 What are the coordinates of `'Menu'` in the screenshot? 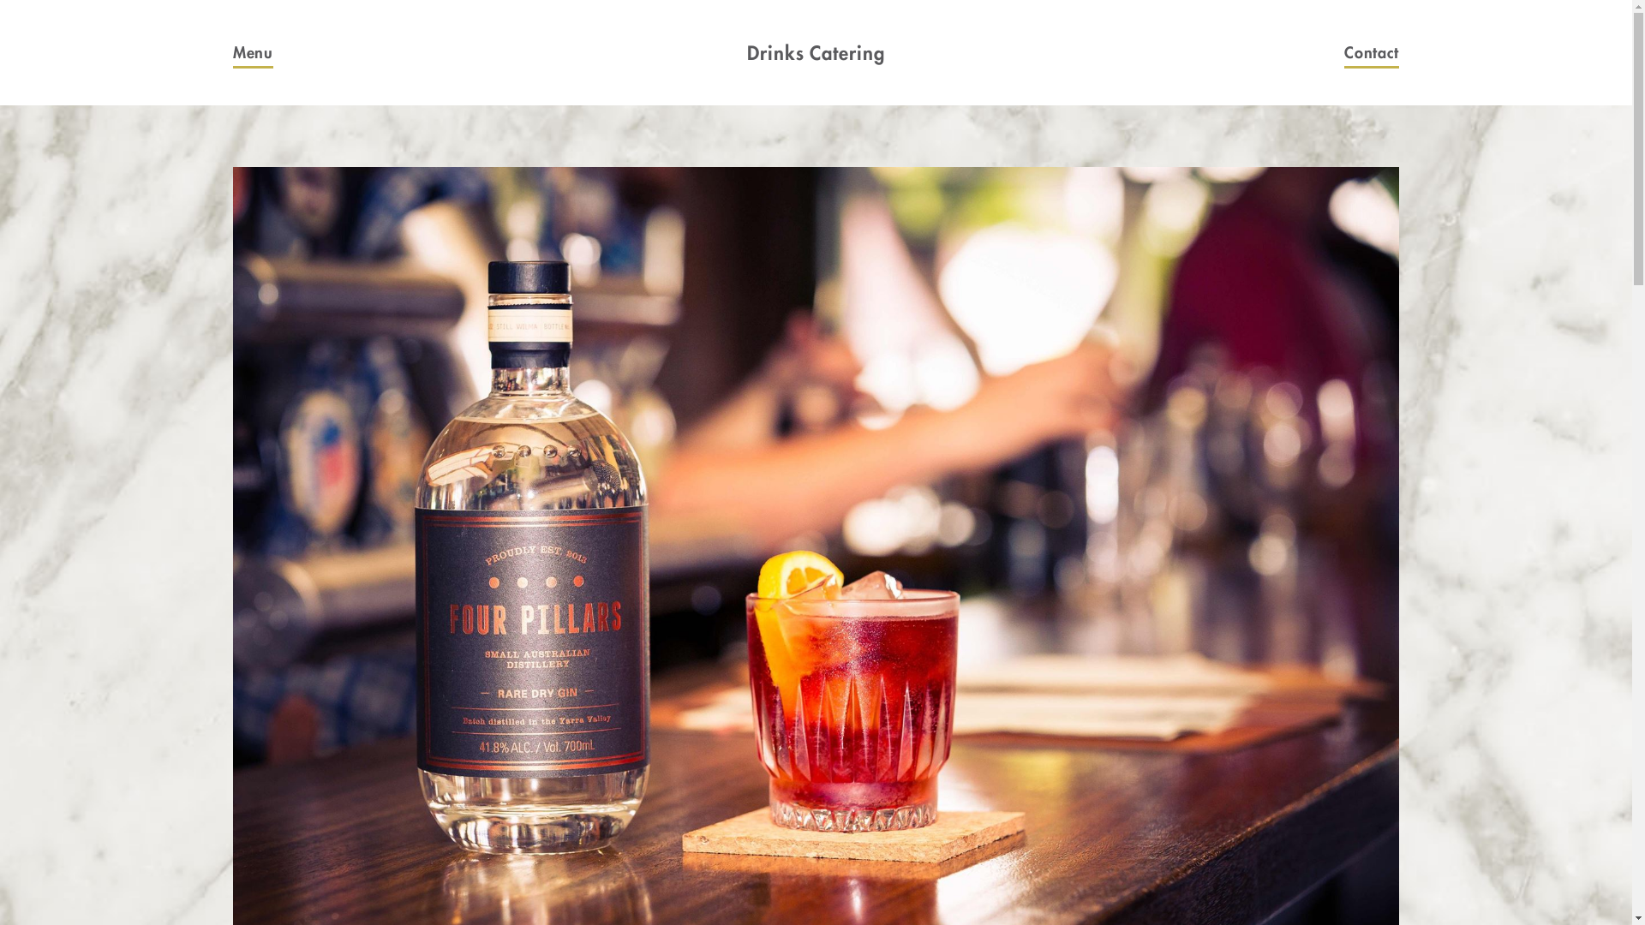 It's located at (232, 51).